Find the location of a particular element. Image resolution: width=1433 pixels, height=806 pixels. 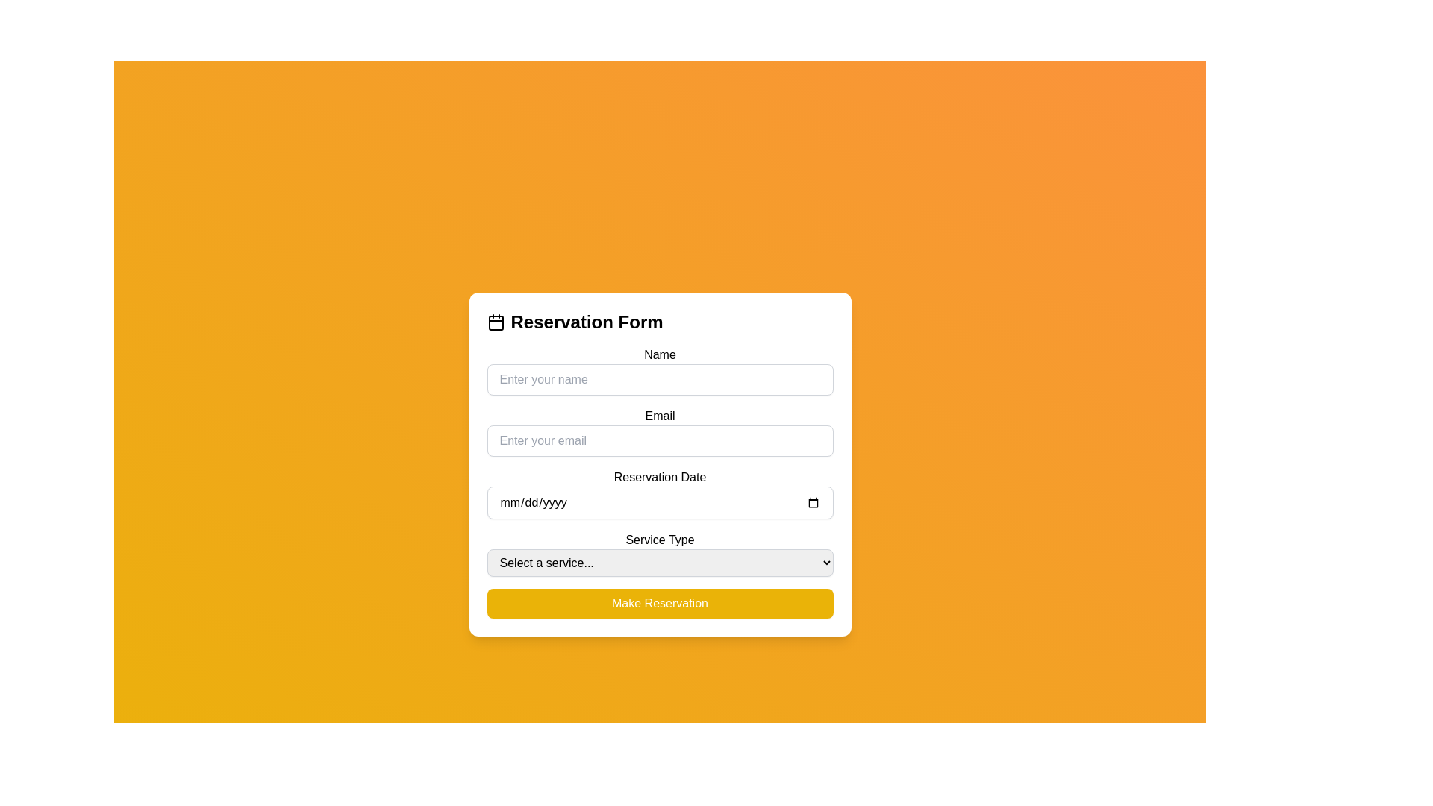

the date picker is located at coordinates (659, 502).